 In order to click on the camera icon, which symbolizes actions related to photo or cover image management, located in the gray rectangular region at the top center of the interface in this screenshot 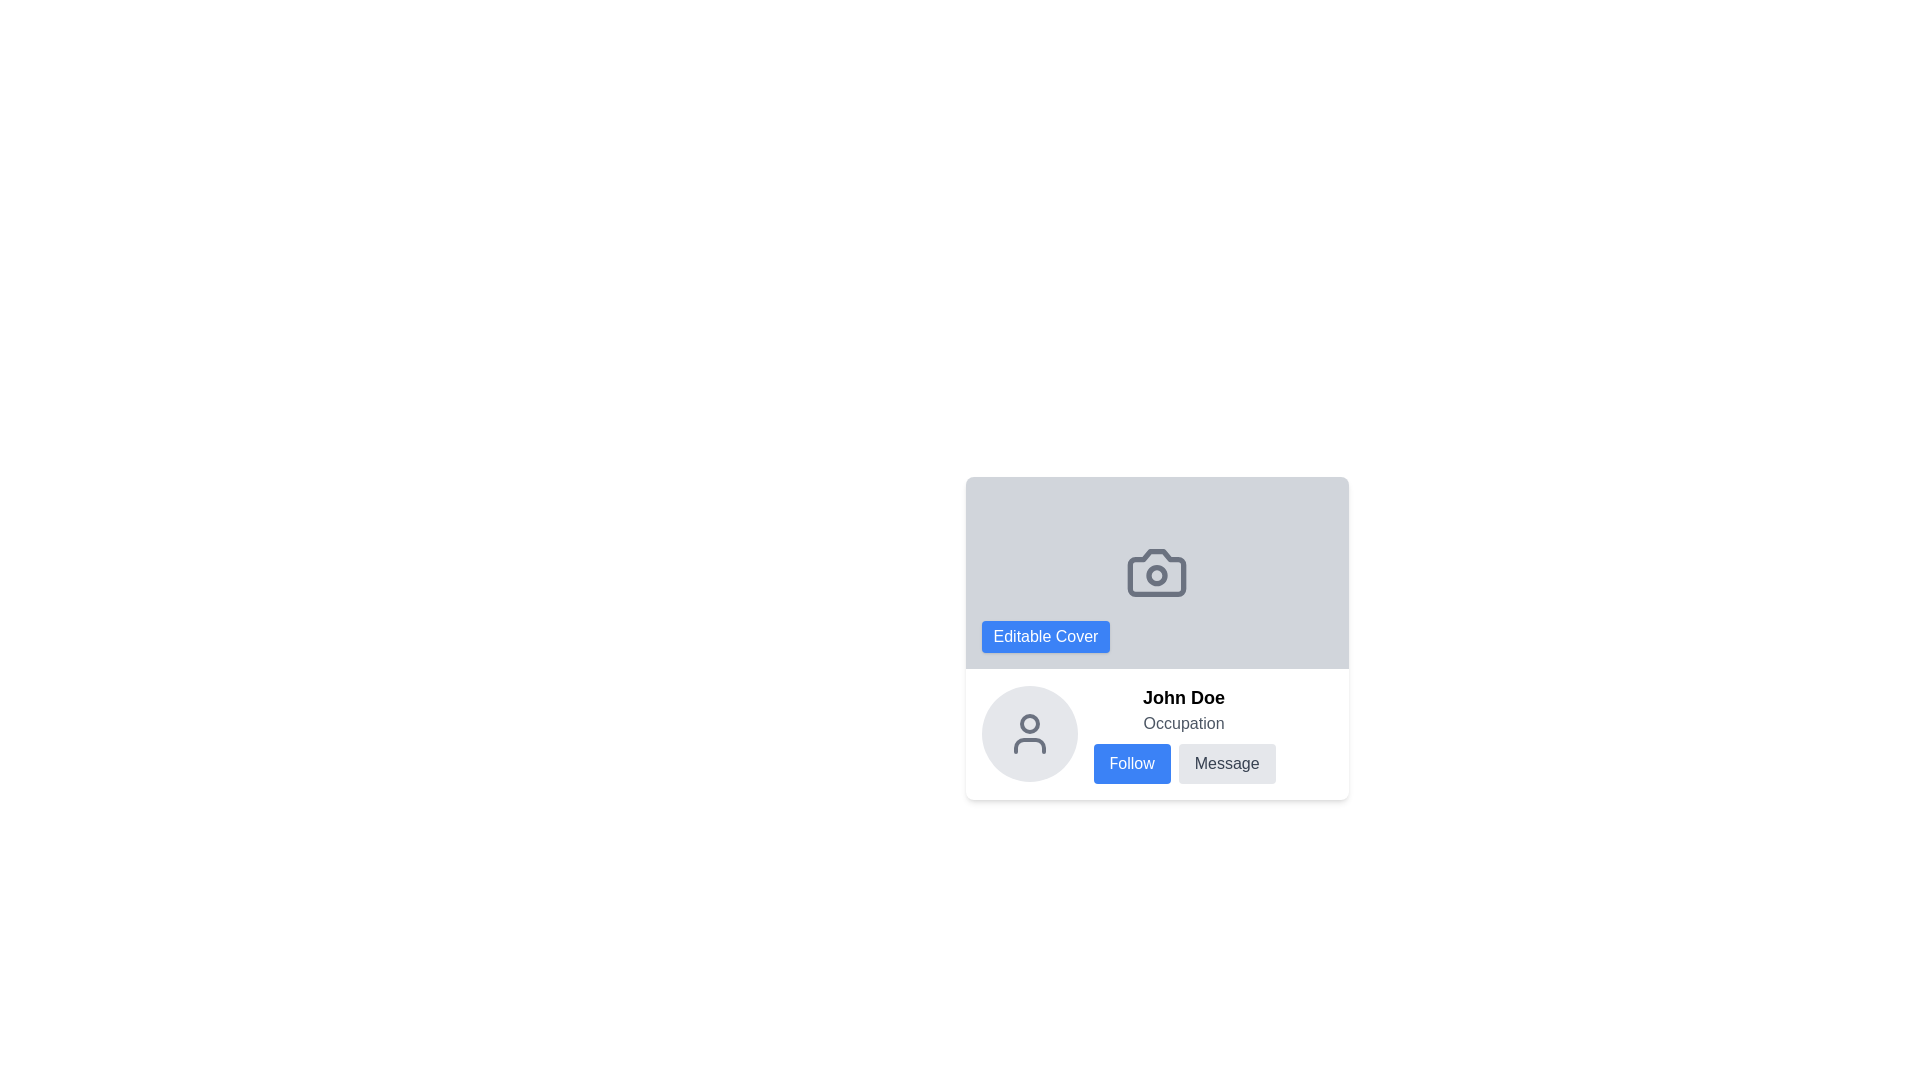, I will do `click(1156, 572)`.